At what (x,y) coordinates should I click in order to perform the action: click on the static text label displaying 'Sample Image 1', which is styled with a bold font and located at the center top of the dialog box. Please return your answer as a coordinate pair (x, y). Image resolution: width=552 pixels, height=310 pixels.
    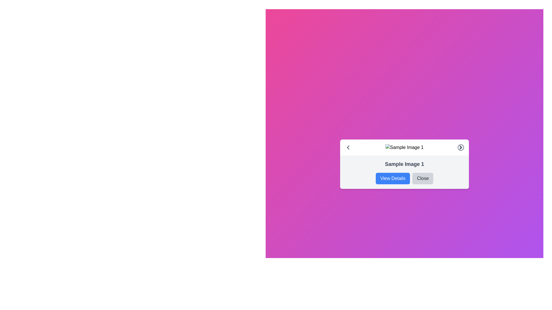
    Looking at the image, I should click on (404, 164).